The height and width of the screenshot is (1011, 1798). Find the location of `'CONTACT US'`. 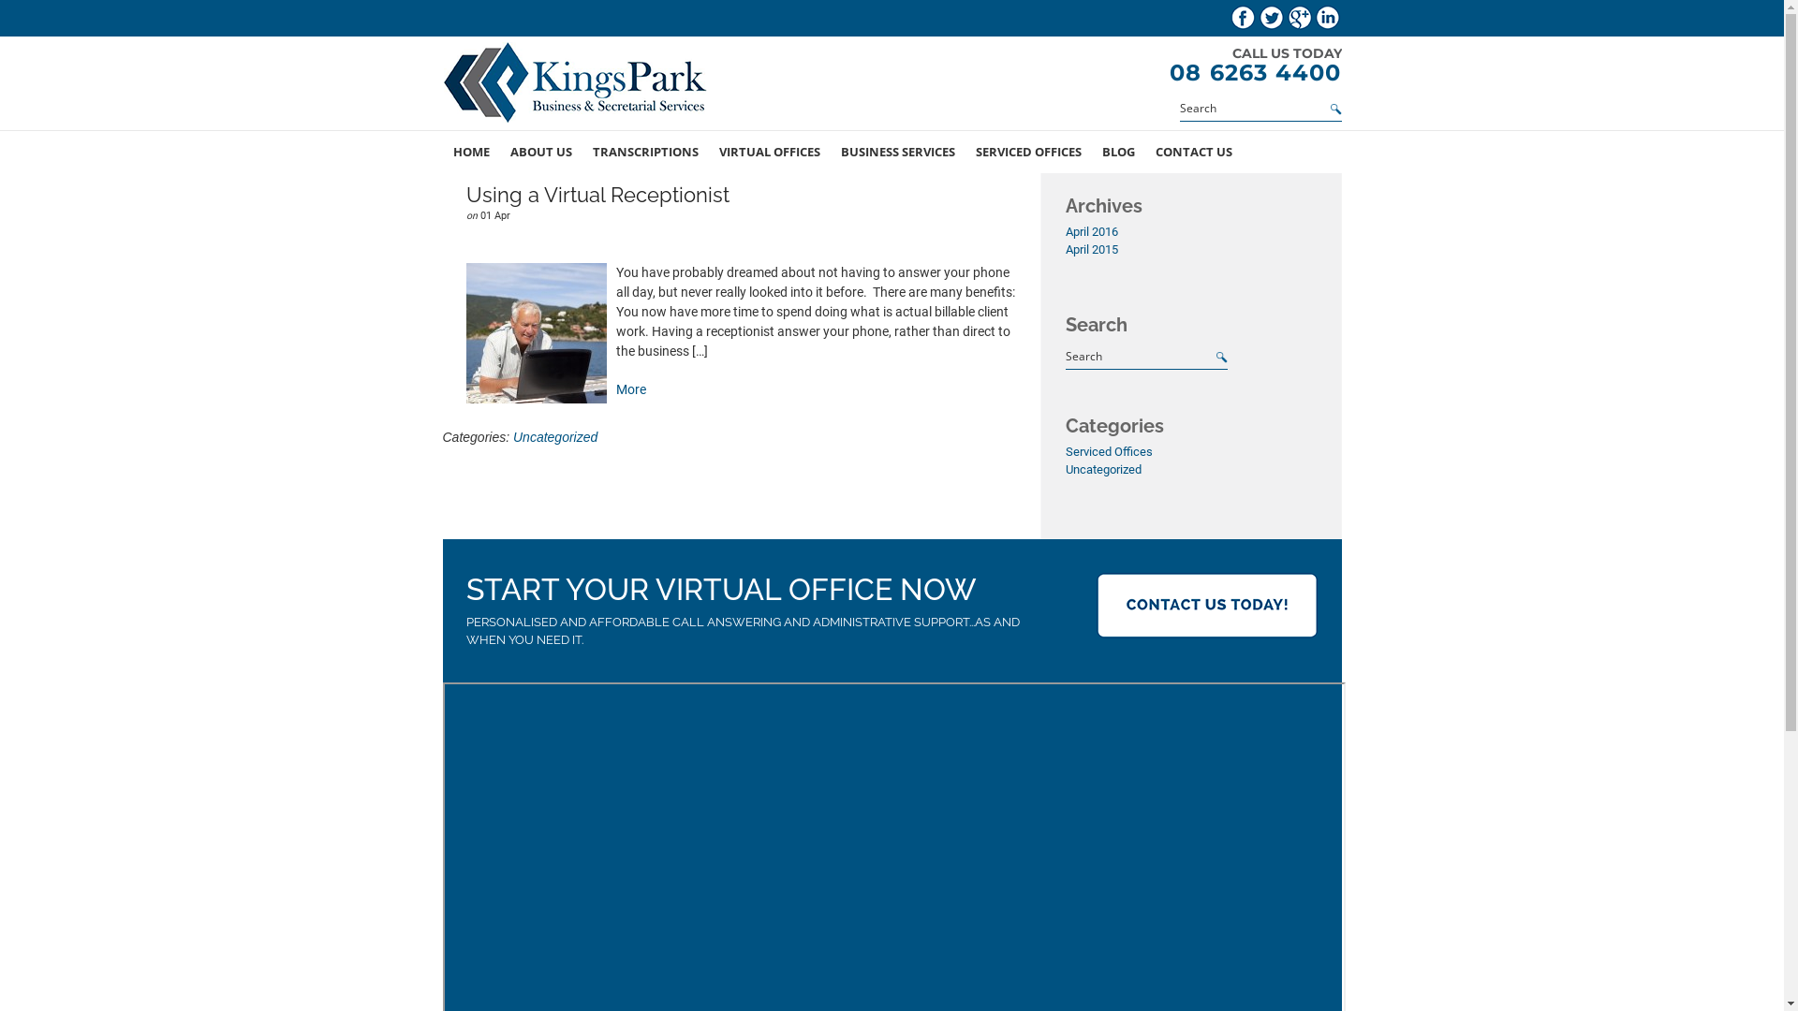

'CONTACT US' is located at coordinates (1191, 151).